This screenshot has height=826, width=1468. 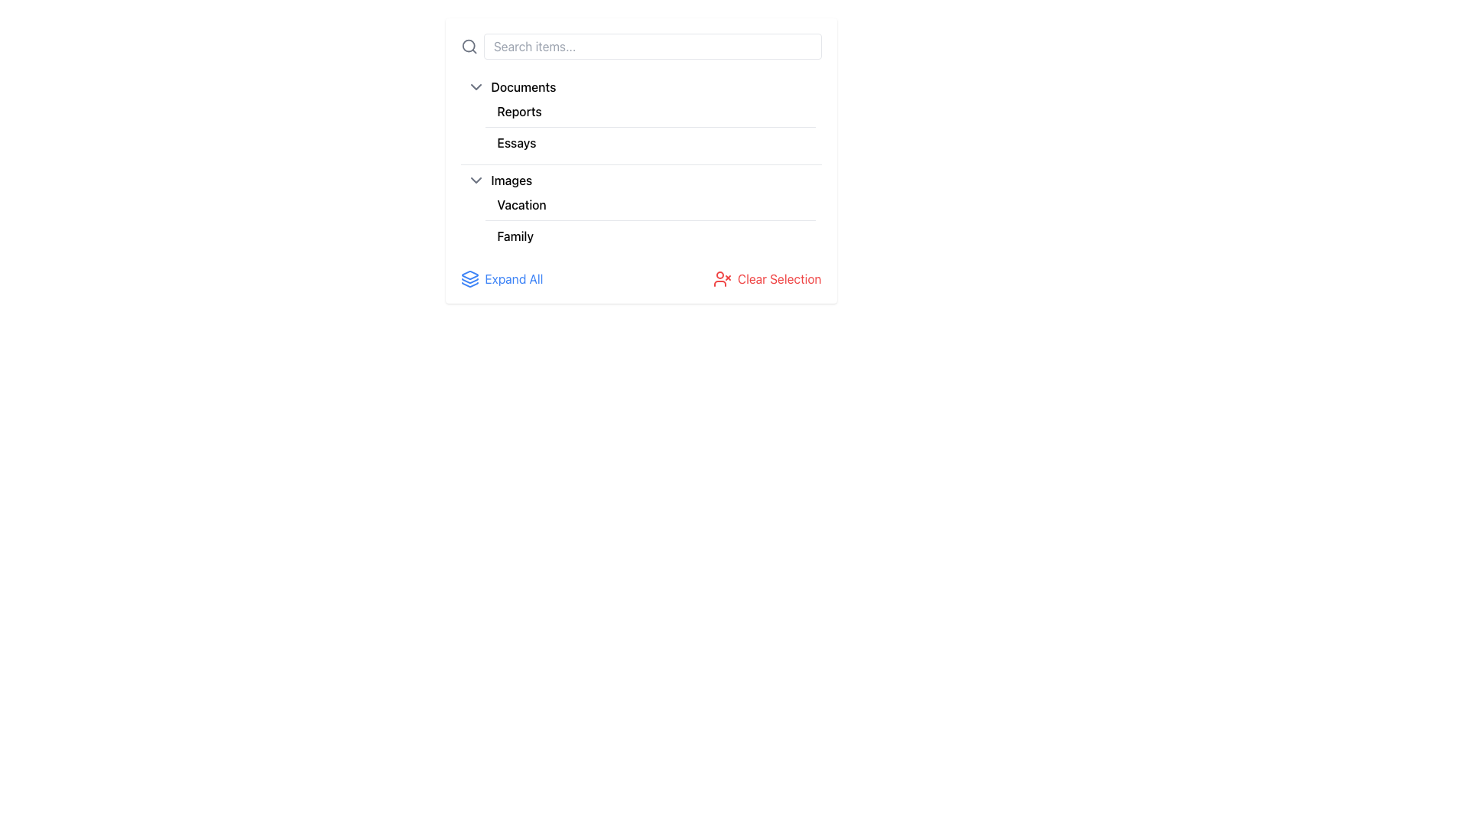 I want to click on the 'Expand All' button located at the bottom-left part of the panel containing a list of folders, so click(x=502, y=279).